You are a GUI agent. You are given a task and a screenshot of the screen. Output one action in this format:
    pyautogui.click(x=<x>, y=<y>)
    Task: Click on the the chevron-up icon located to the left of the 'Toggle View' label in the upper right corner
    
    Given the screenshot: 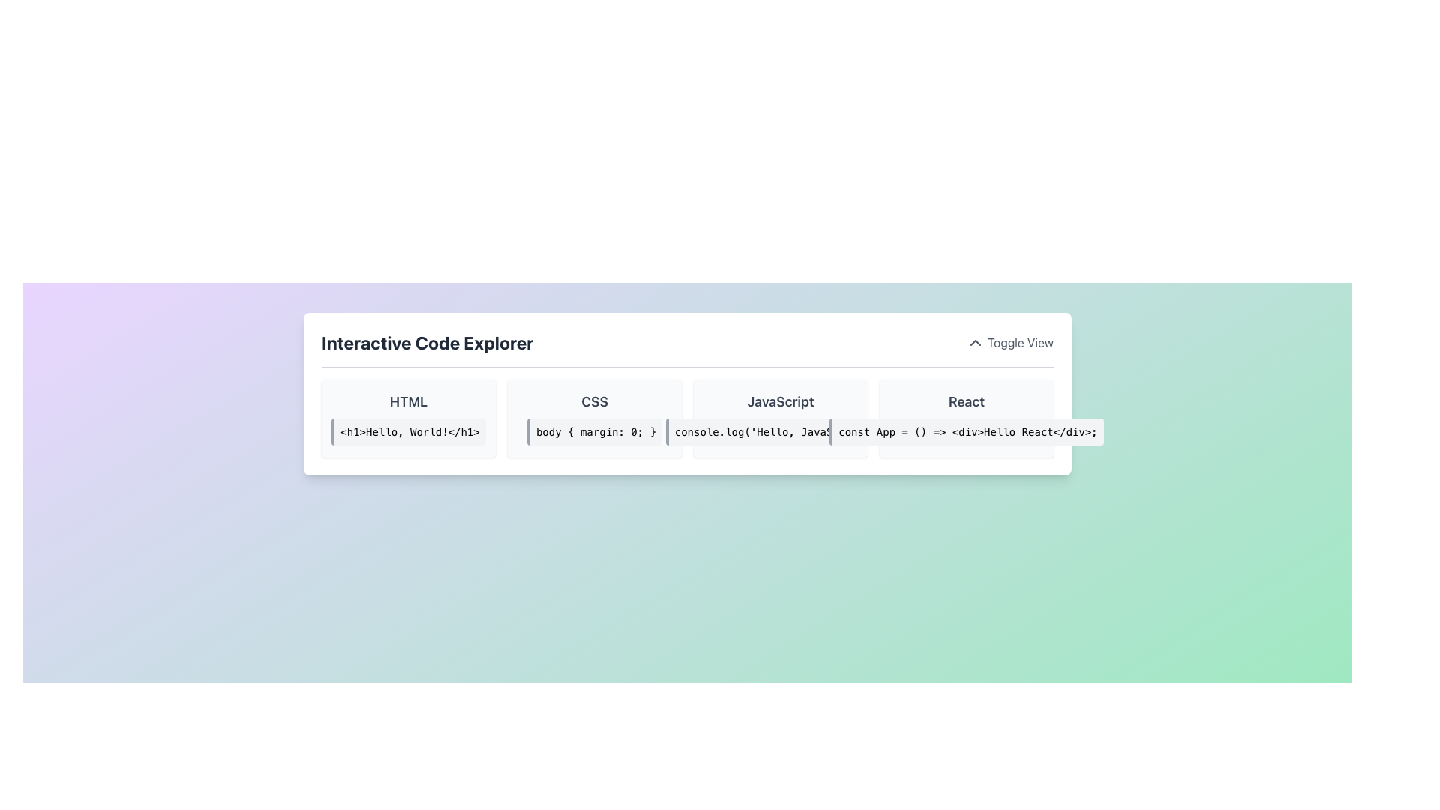 What is the action you would take?
    pyautogui.click(x=975, y=342)
    